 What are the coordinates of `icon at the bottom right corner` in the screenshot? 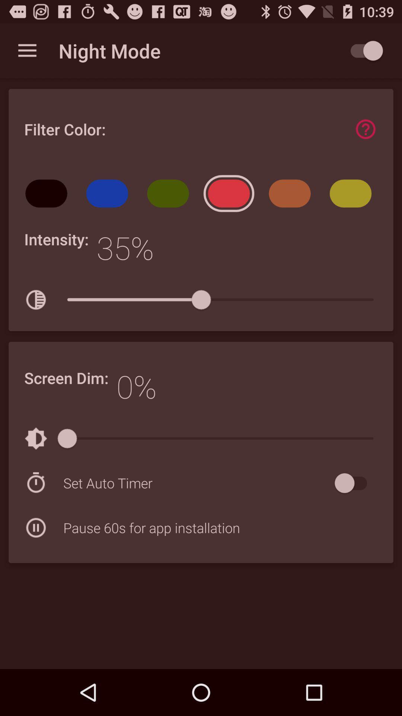 It's located at (354, 483).